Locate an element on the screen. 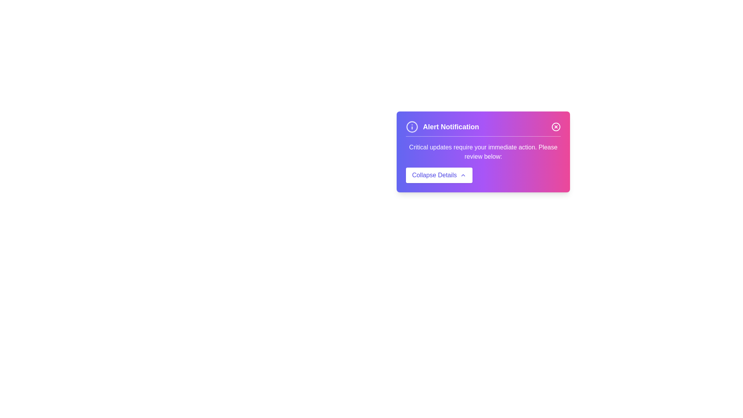  the 'Collapse Details' button to hide the detailed information is located at coordinates (438, 175).